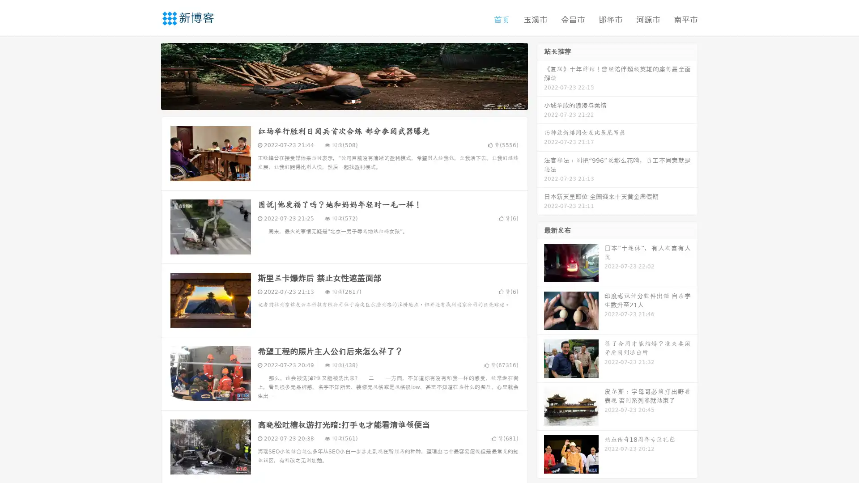 The height and width of the screenshot is (483, 859). Describe the element at coordinates (335, 101) in the screenshot. I see `Go to slide 1` at that location.